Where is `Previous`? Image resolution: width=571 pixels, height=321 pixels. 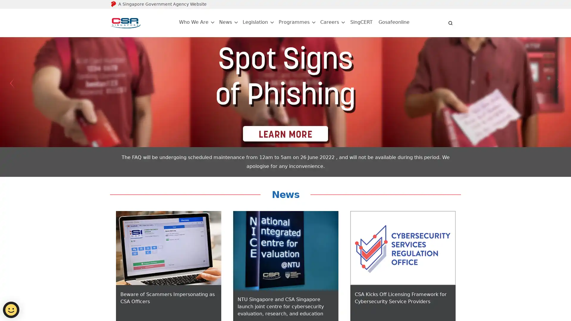 Previous is located at coordinates (12, 83).